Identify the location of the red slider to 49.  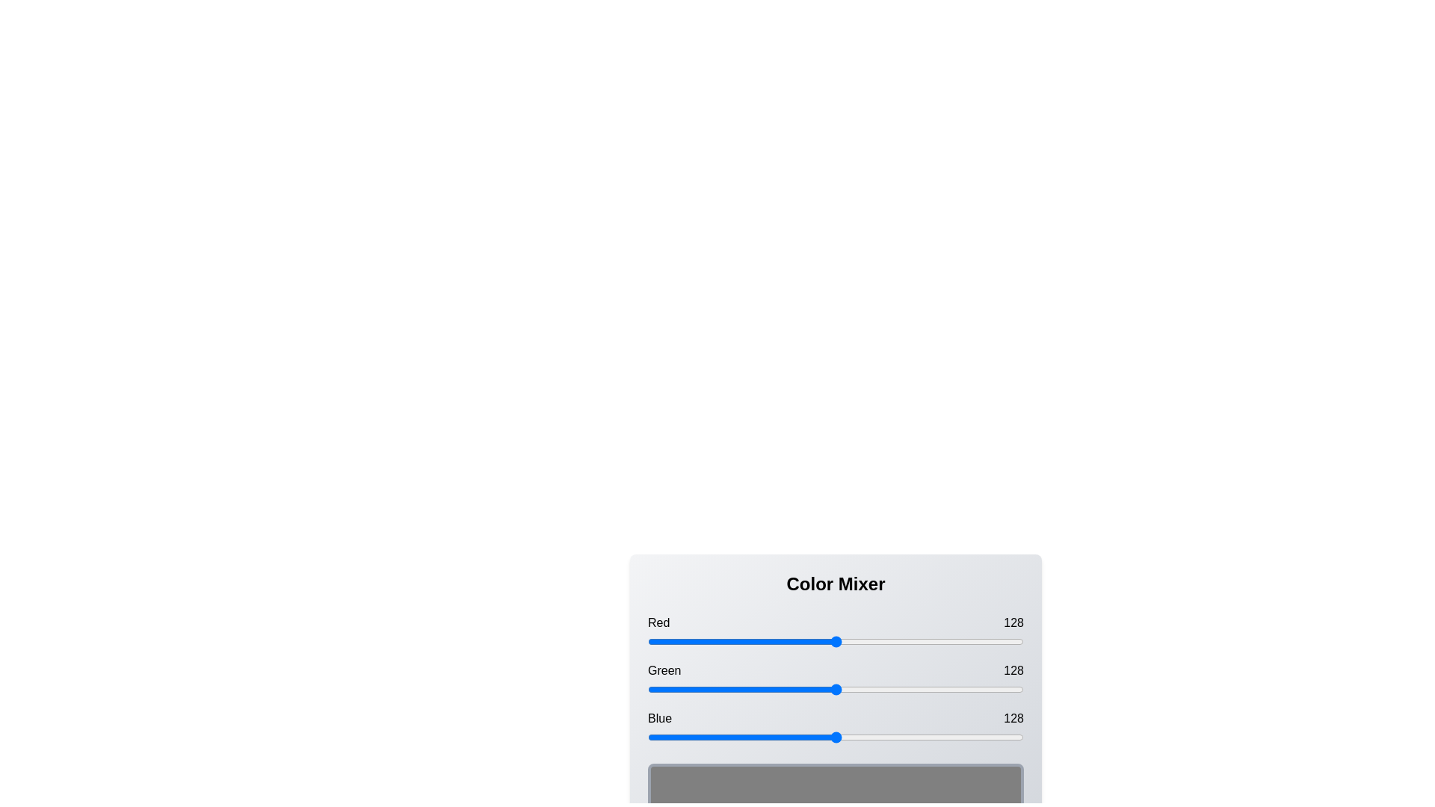
(720, 641).